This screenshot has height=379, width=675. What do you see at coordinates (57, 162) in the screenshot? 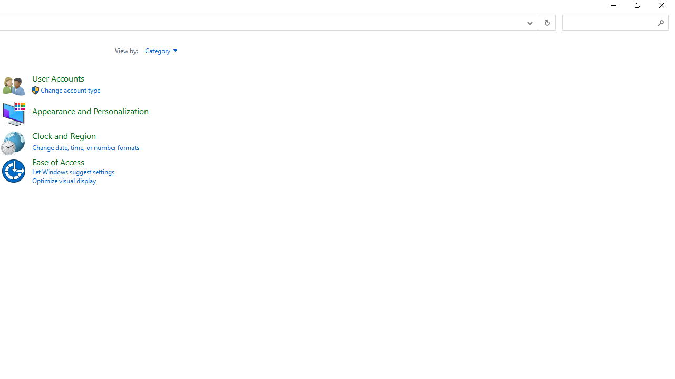
I see `'Ease of Access'` at bounding box center [57, 162].